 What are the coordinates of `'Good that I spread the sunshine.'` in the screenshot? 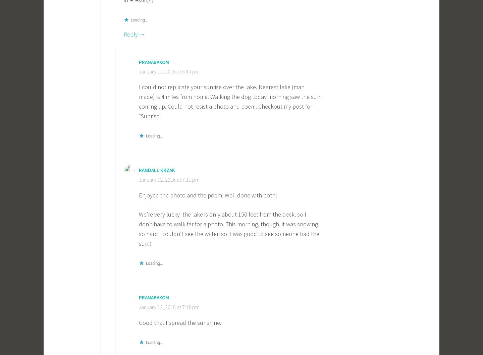 It's located at (179, 322).